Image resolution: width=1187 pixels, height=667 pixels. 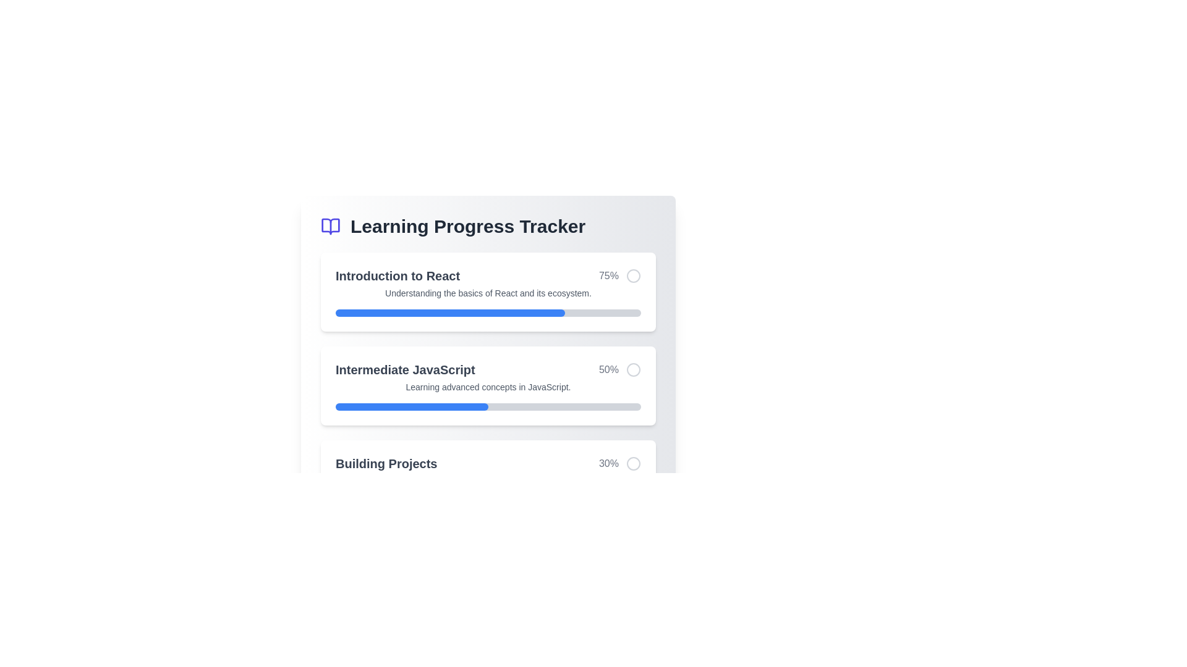 I want to click on the decorative learning icon located at the top-left corner of the 'Learning Progress Tracker' card, so click(x=330, y=226).